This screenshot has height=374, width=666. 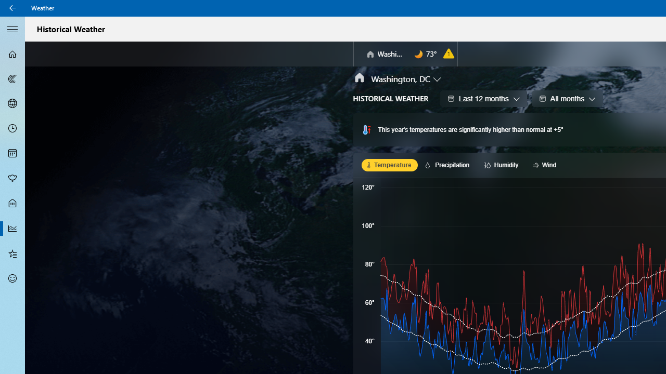 What do you see at coordinates (12, 54) in the screenshot?
I see `'Forecast - Not Selected'` at bounding box center [12, 54].